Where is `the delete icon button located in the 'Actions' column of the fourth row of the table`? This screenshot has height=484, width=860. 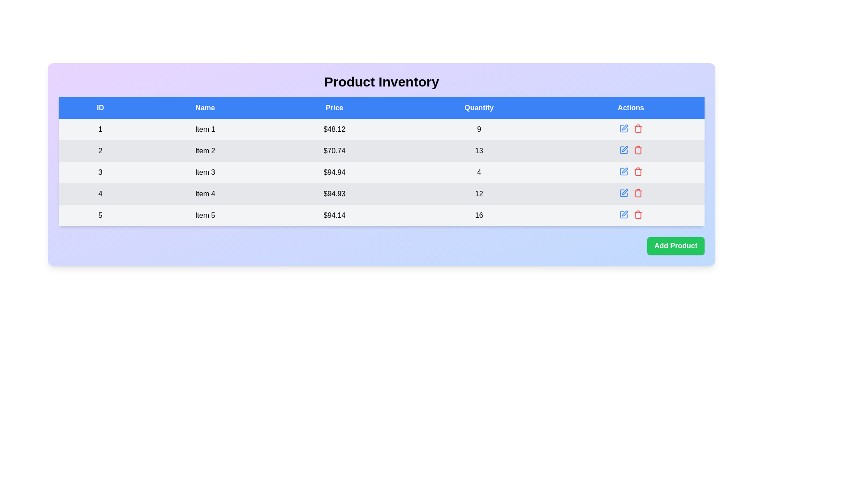
the delete icon button located in the 'Actions' column of the fourth row of the table is located at coordinates (637, 193).